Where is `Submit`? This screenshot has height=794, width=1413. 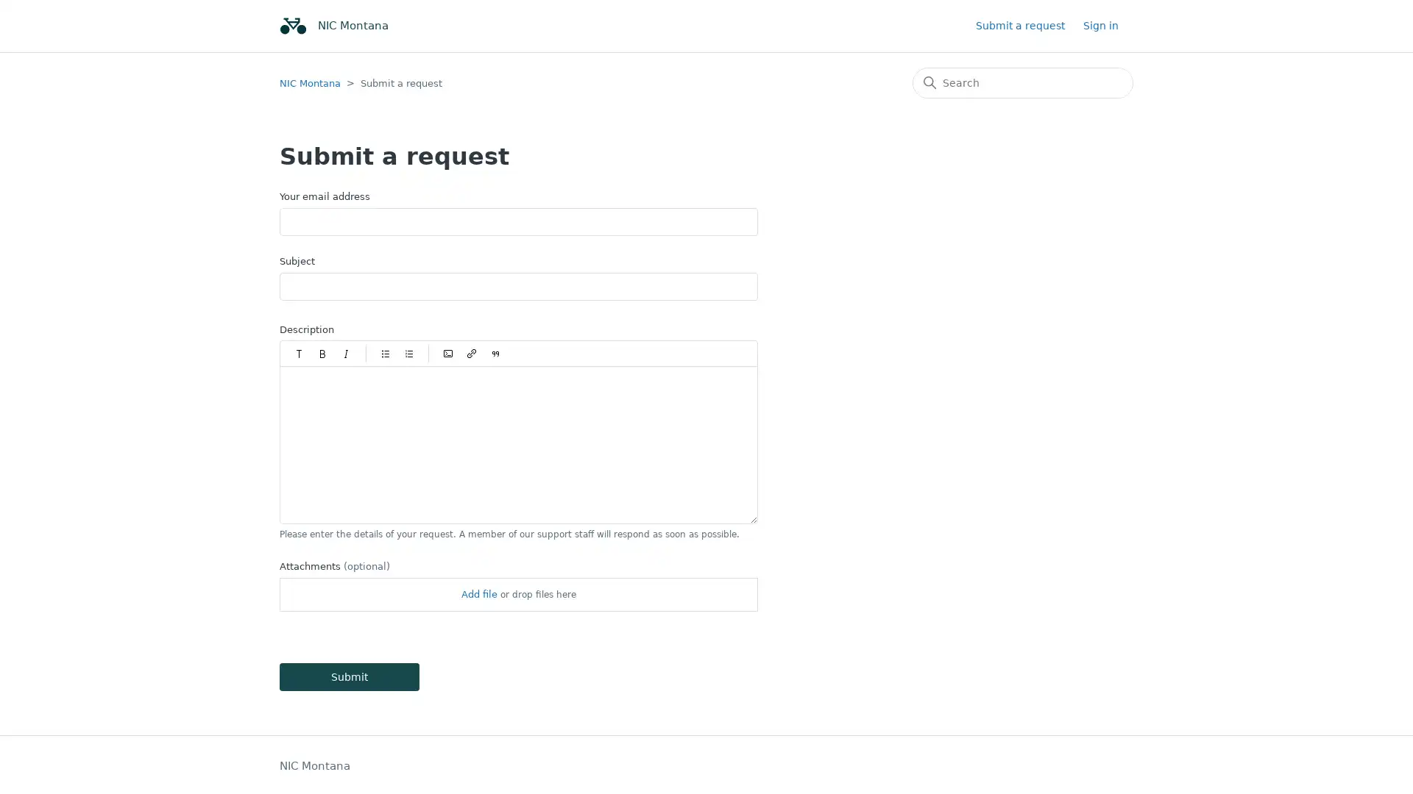 Submit is located at coordinates (349, 676).